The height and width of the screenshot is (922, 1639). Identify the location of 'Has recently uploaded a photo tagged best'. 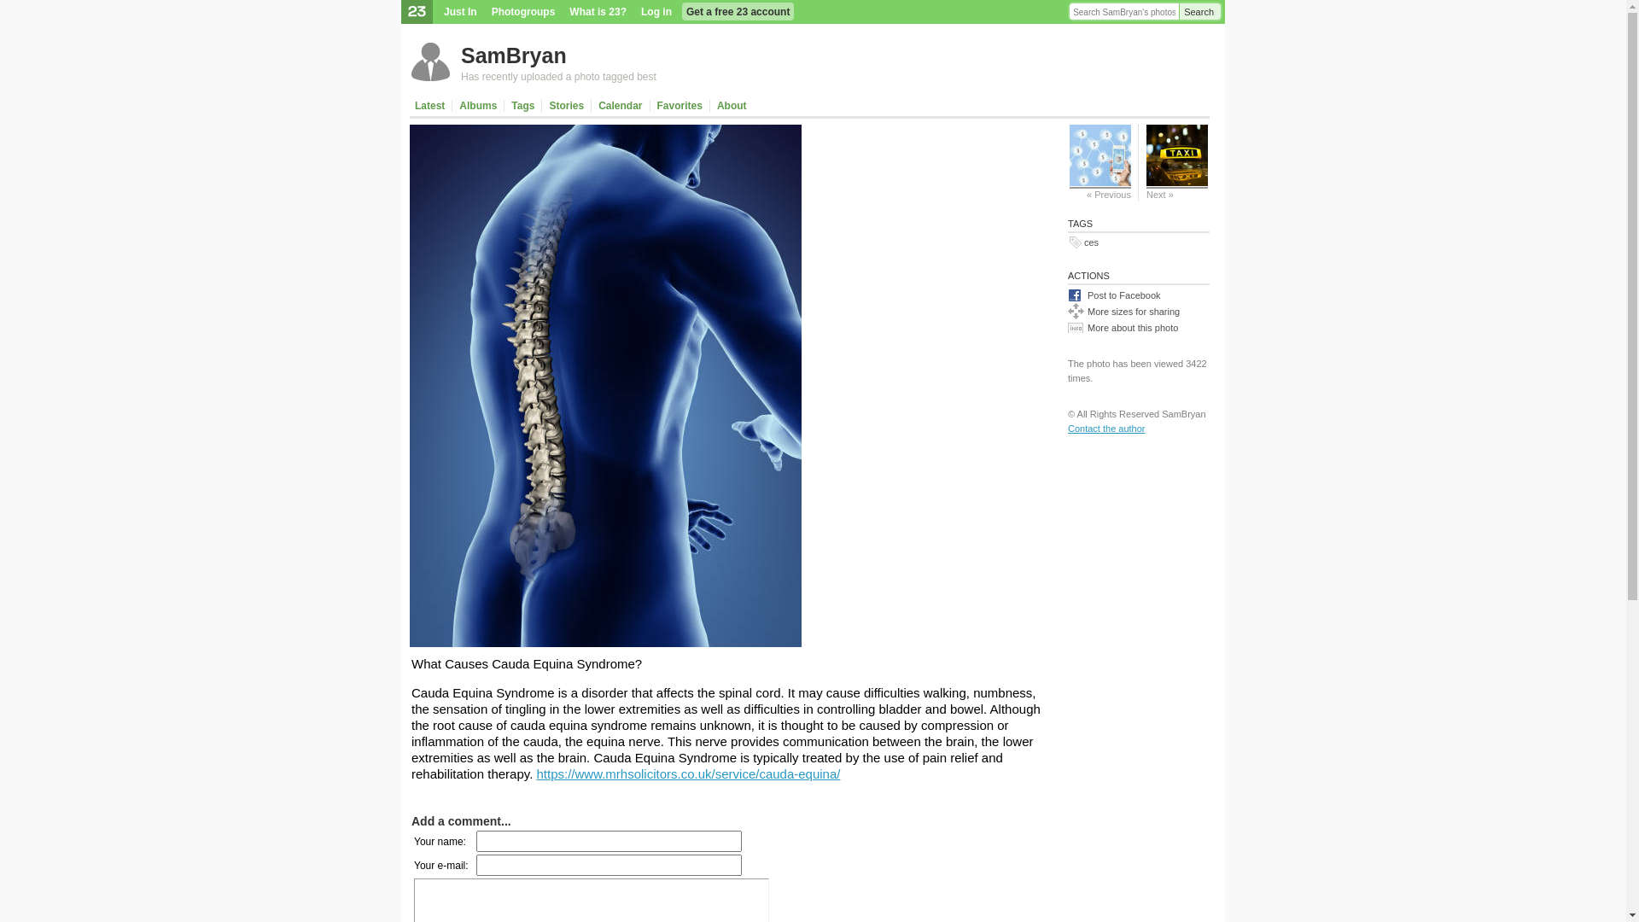
(460, 75).